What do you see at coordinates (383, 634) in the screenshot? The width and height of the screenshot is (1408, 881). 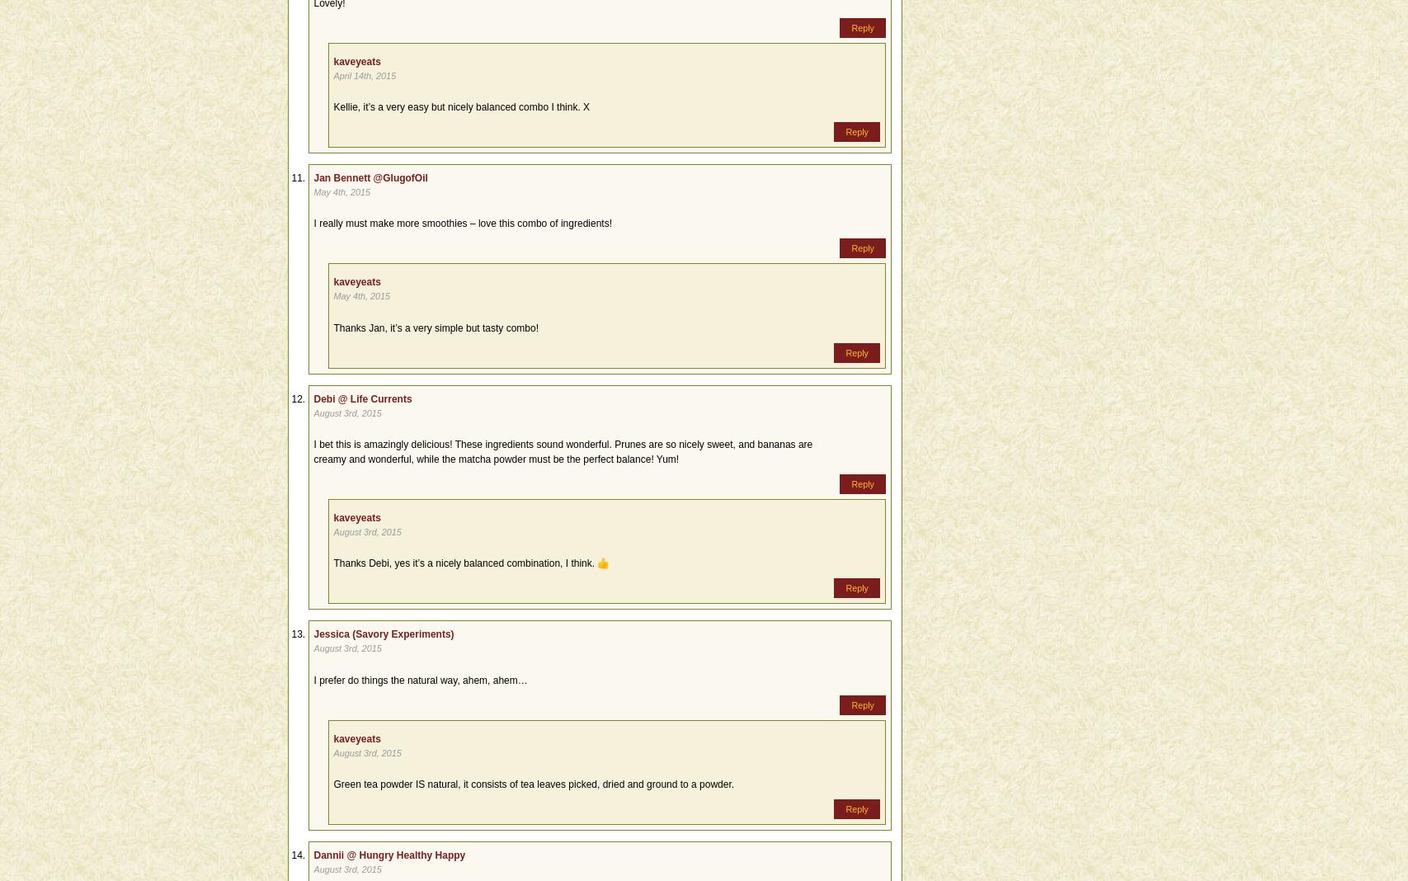 I see `'Jessica (Savory Experiments)'` at bounding box center [383, 634].